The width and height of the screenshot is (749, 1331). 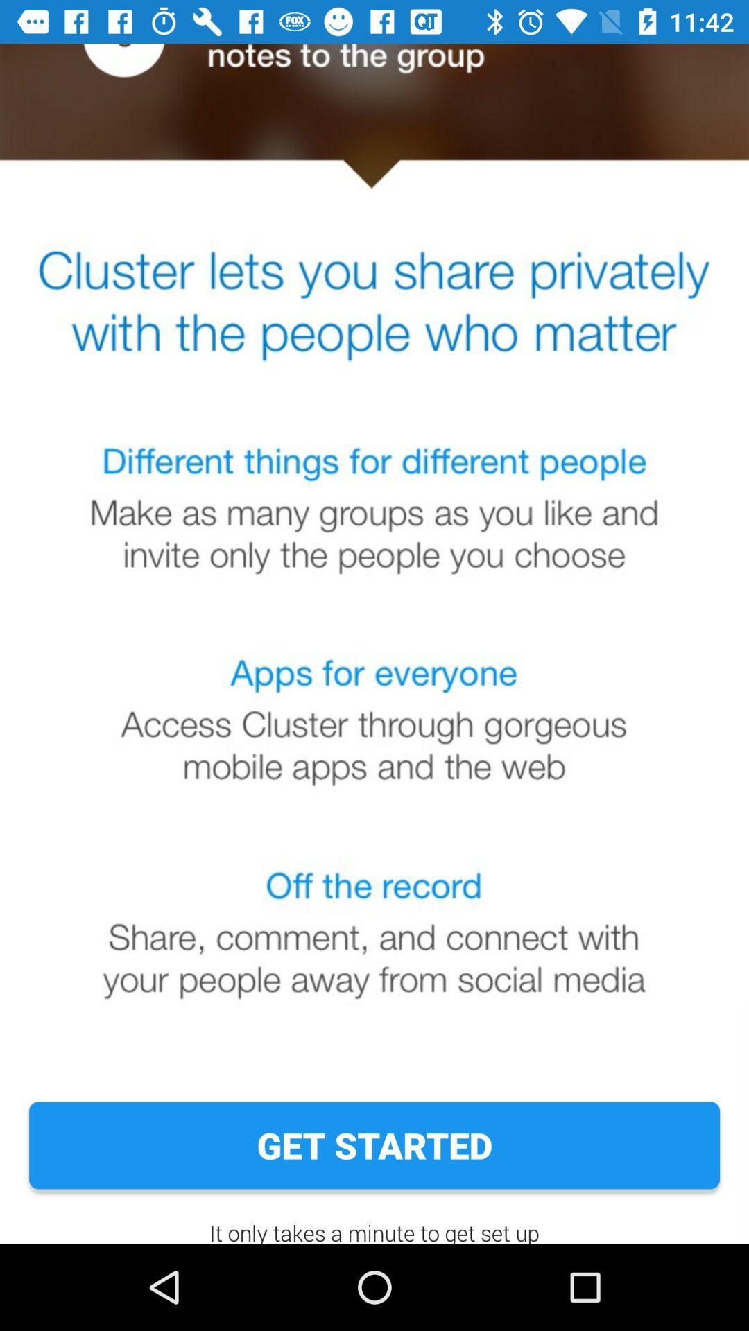 I want to click on get started item, so click(x=374, y=1145).